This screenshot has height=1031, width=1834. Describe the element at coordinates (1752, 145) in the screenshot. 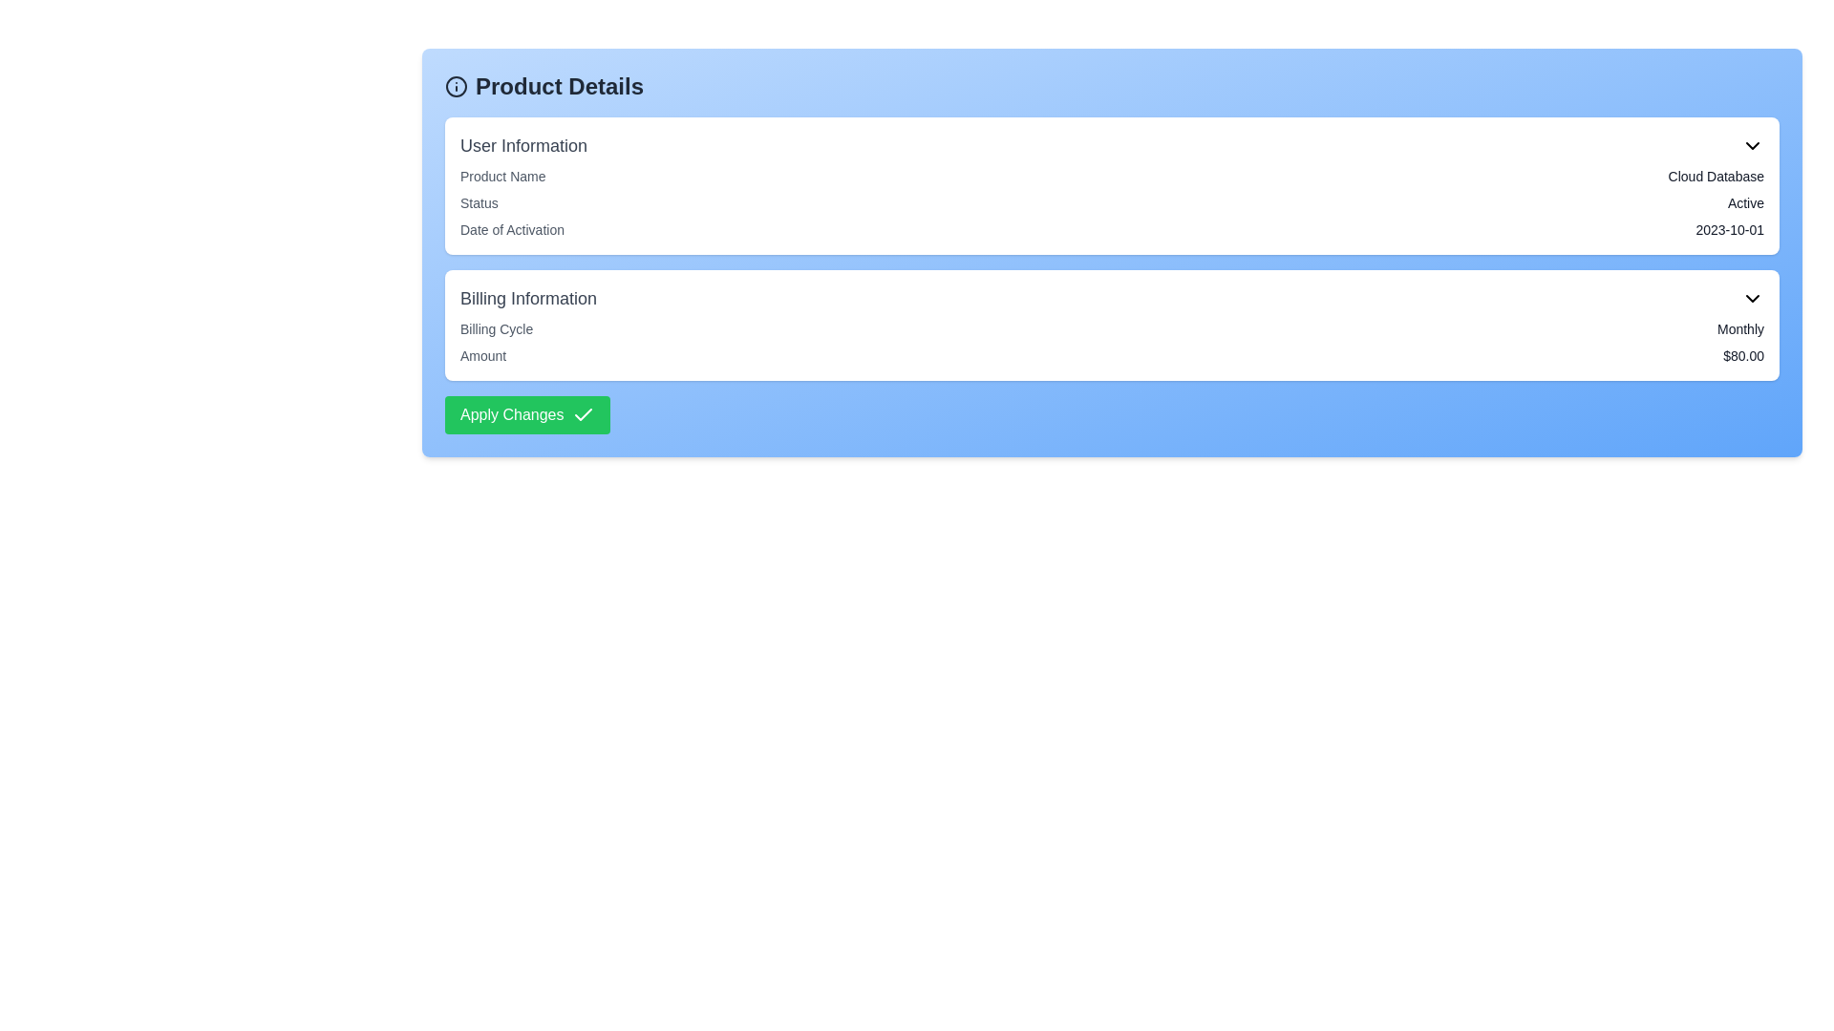

I see `the dropdown toggle icon (chevron) located at the far-right of the 'User Information' section` at that location.